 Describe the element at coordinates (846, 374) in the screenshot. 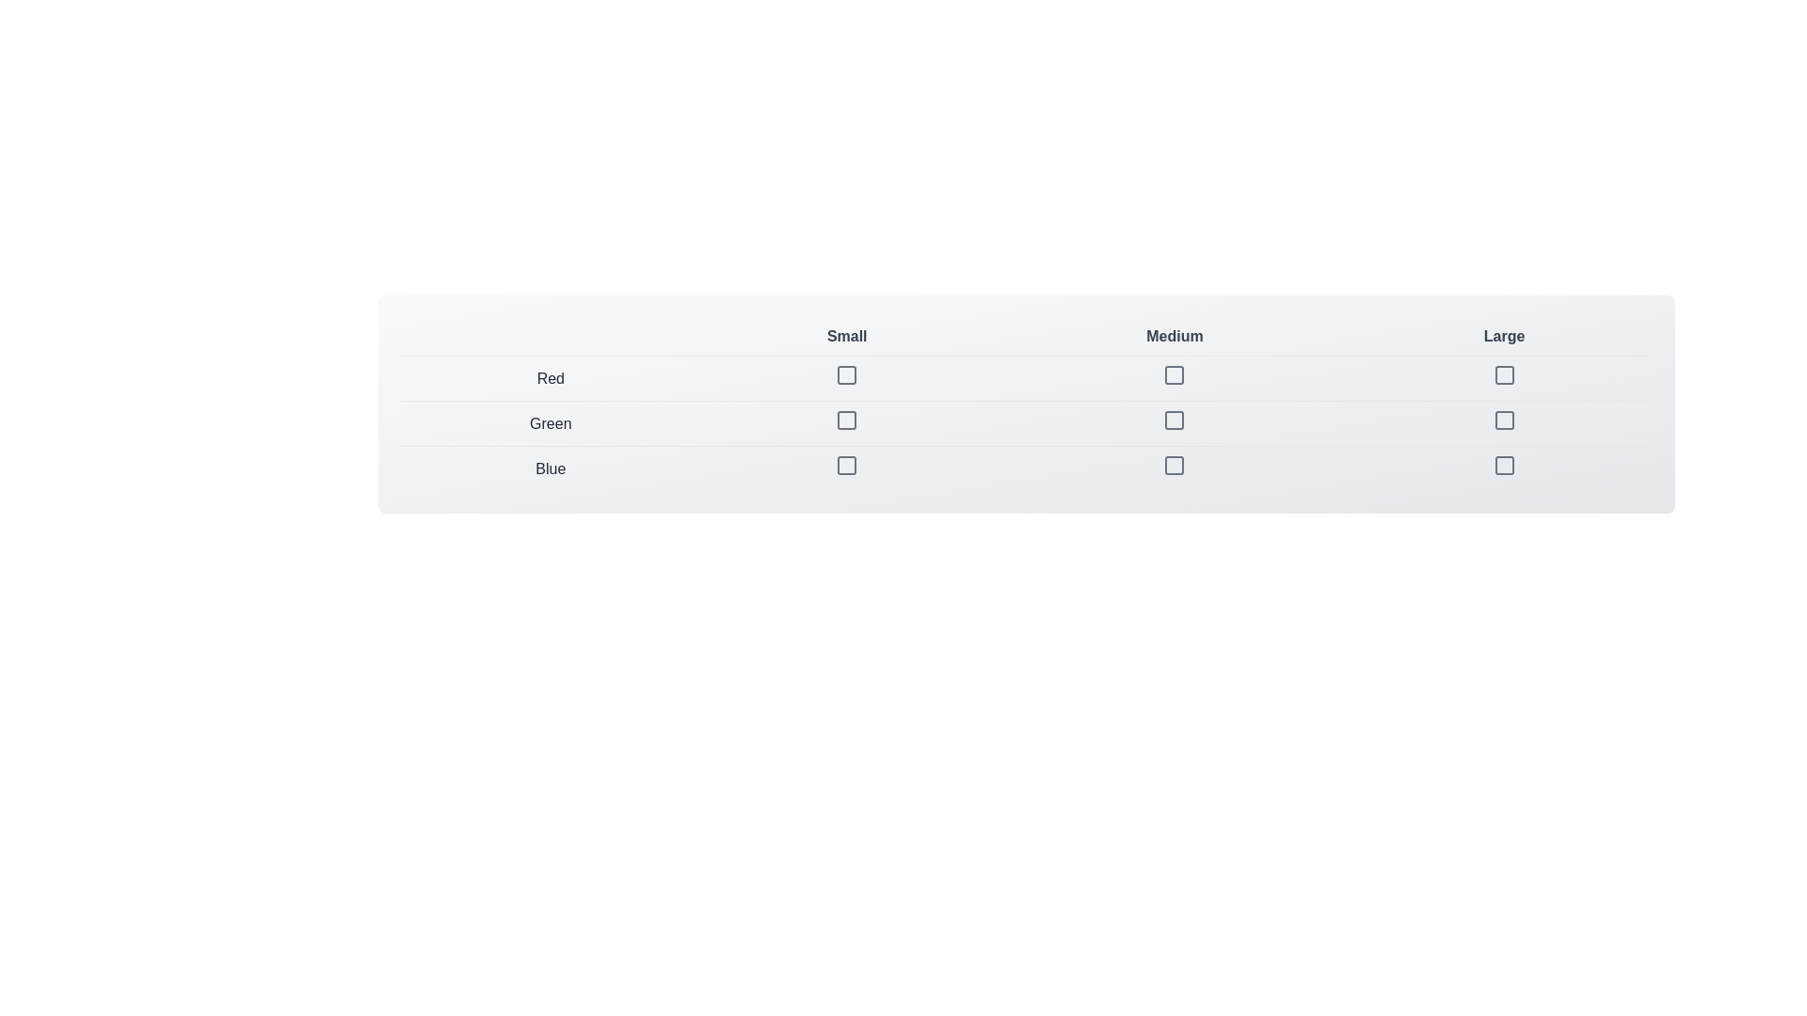

I see `the checkbox located in the first row under the 'Small' column header, next to the 'Red' label, for keyboard interaction` at that location.